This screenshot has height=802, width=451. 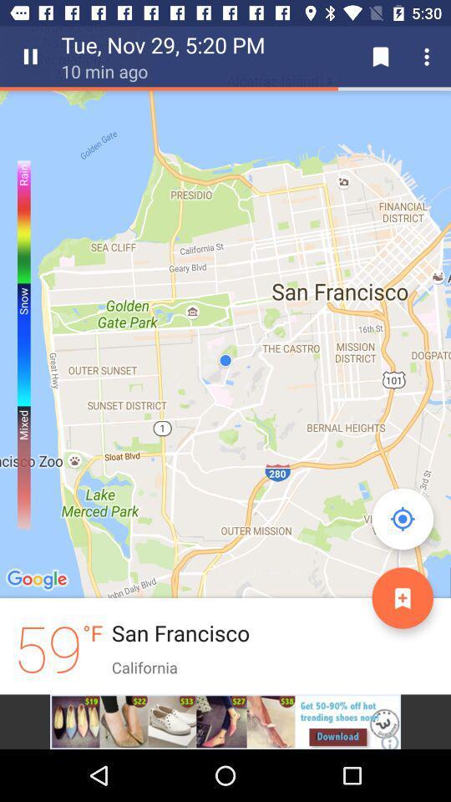 I want to click on location icon, so click(x=402, y=518).